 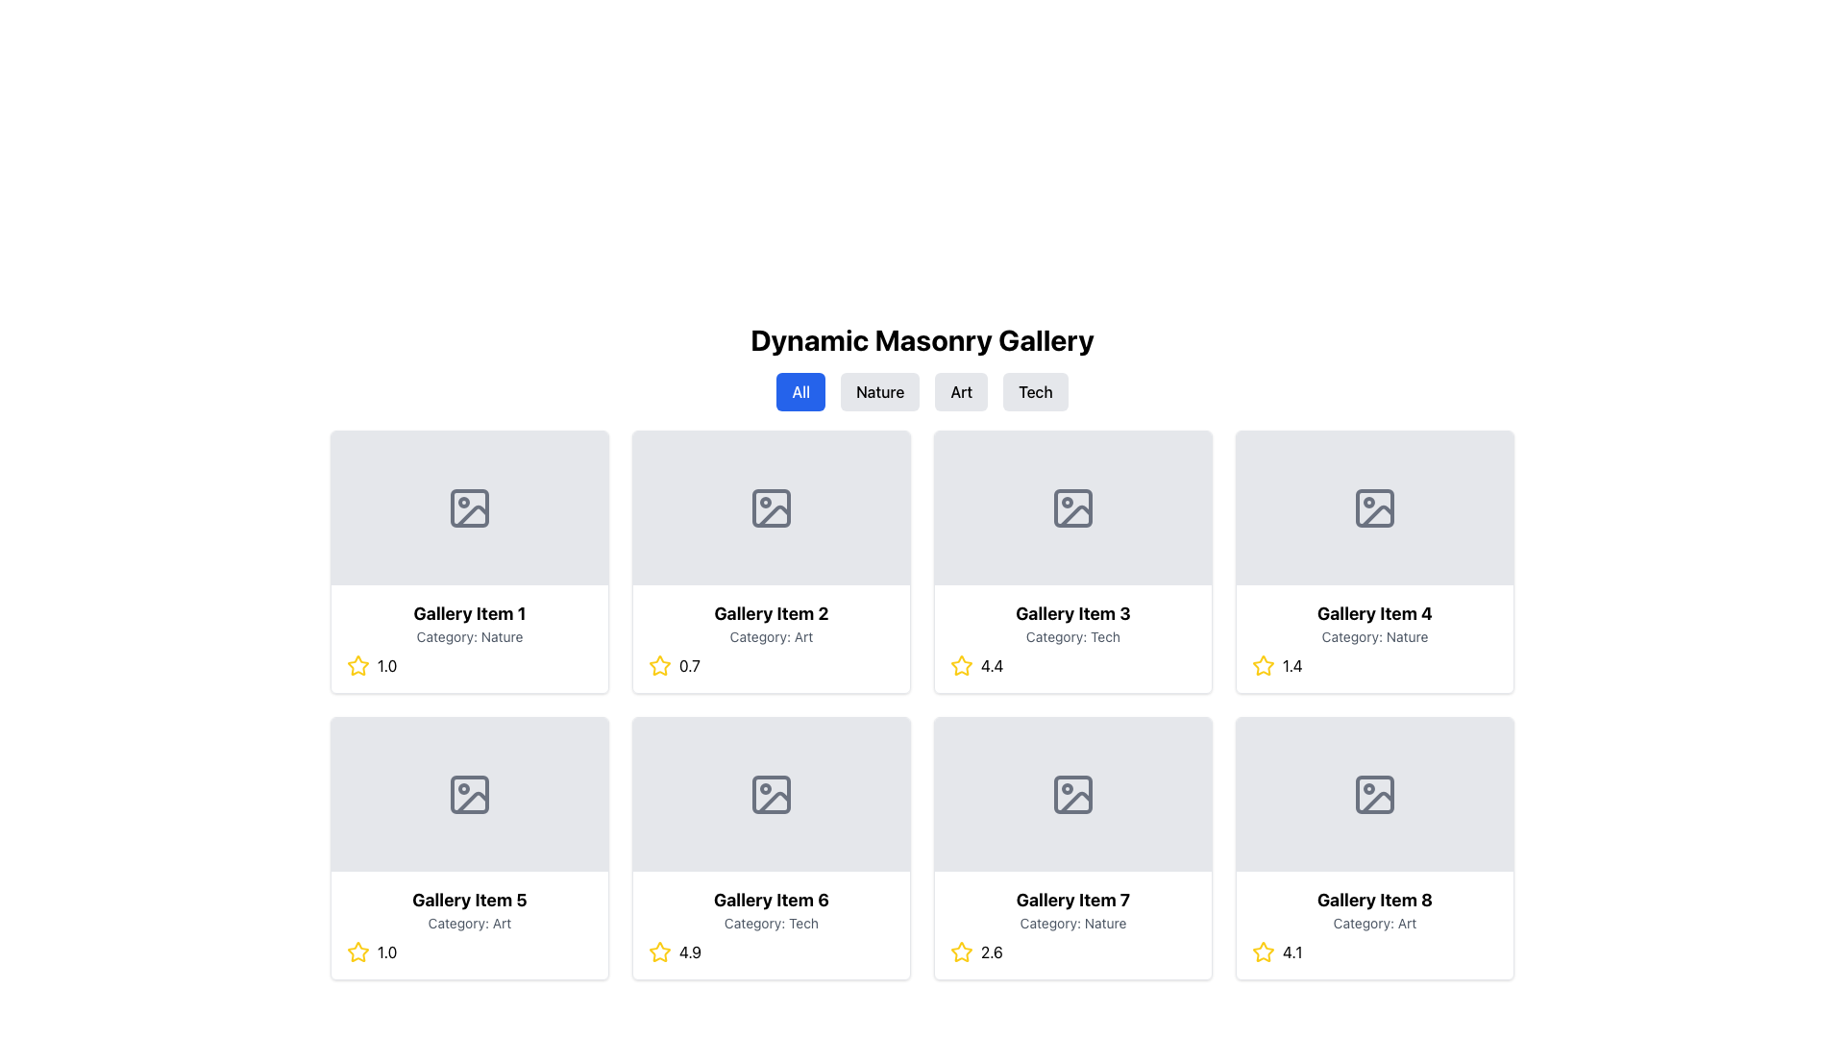 What do you see at coordinates (1072, 638) in the screenshot?
I see `the Text Display Component that displays 'Gallery Item 3' with a subheading 'Category: Tech' and a rating of '4.4'` at bounding box center [1072, 638].